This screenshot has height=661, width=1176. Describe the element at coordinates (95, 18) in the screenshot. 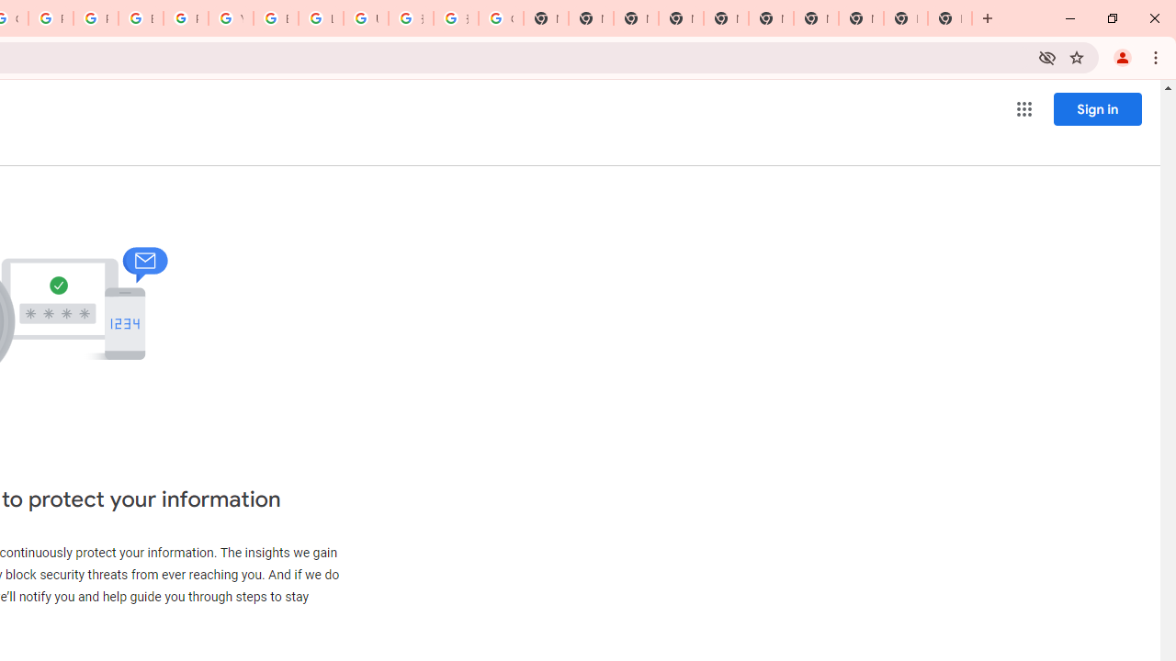

I see `'Privacy Help Center - Policies Help'` at that location.